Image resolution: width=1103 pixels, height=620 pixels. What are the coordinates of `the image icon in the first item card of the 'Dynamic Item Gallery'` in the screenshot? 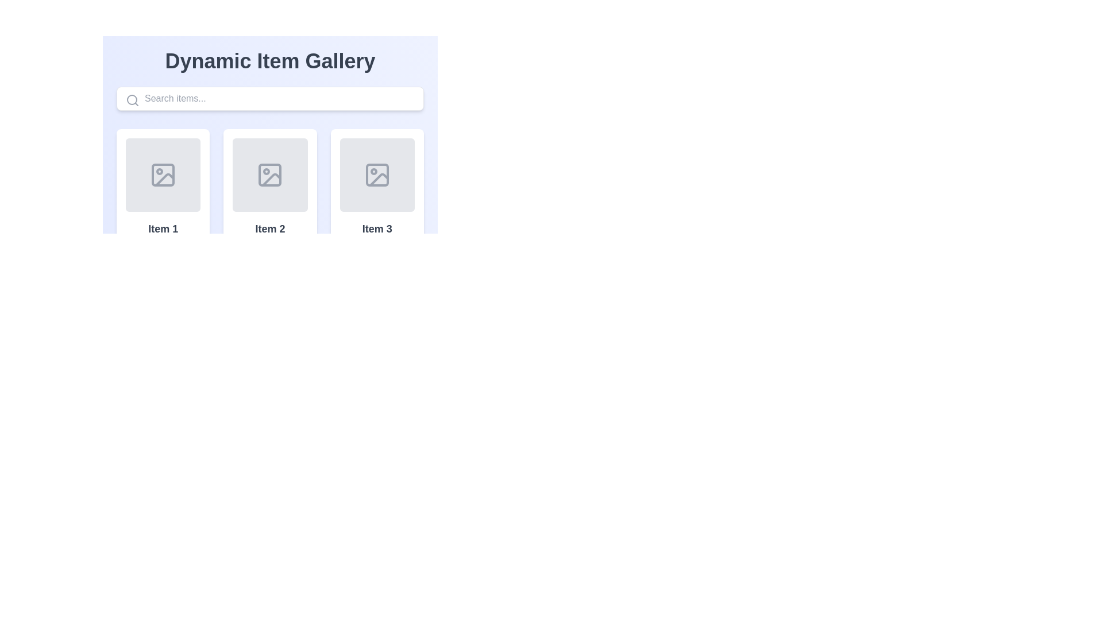 It's located at (163, 175).